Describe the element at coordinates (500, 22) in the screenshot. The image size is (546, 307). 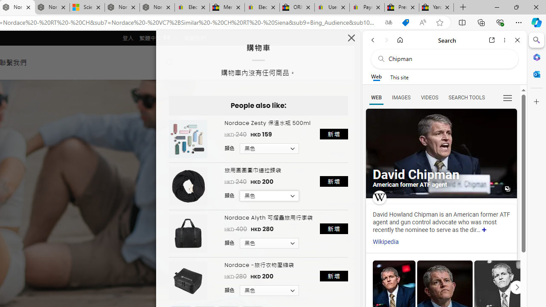
I see `'Browser essentials'` at that location.